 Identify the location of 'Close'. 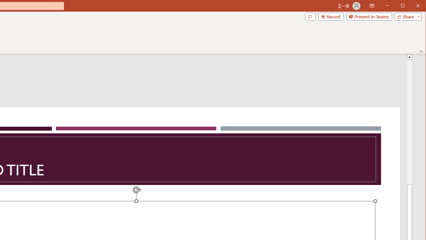
(419, 6).